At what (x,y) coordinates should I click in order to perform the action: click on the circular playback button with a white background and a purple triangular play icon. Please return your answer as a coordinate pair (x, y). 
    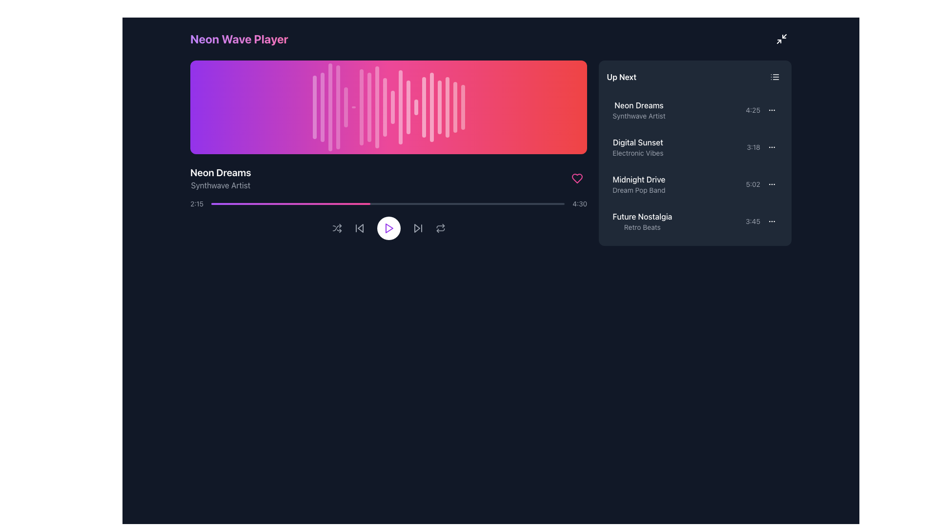
    Looking at the image, I should click on (388, 228).